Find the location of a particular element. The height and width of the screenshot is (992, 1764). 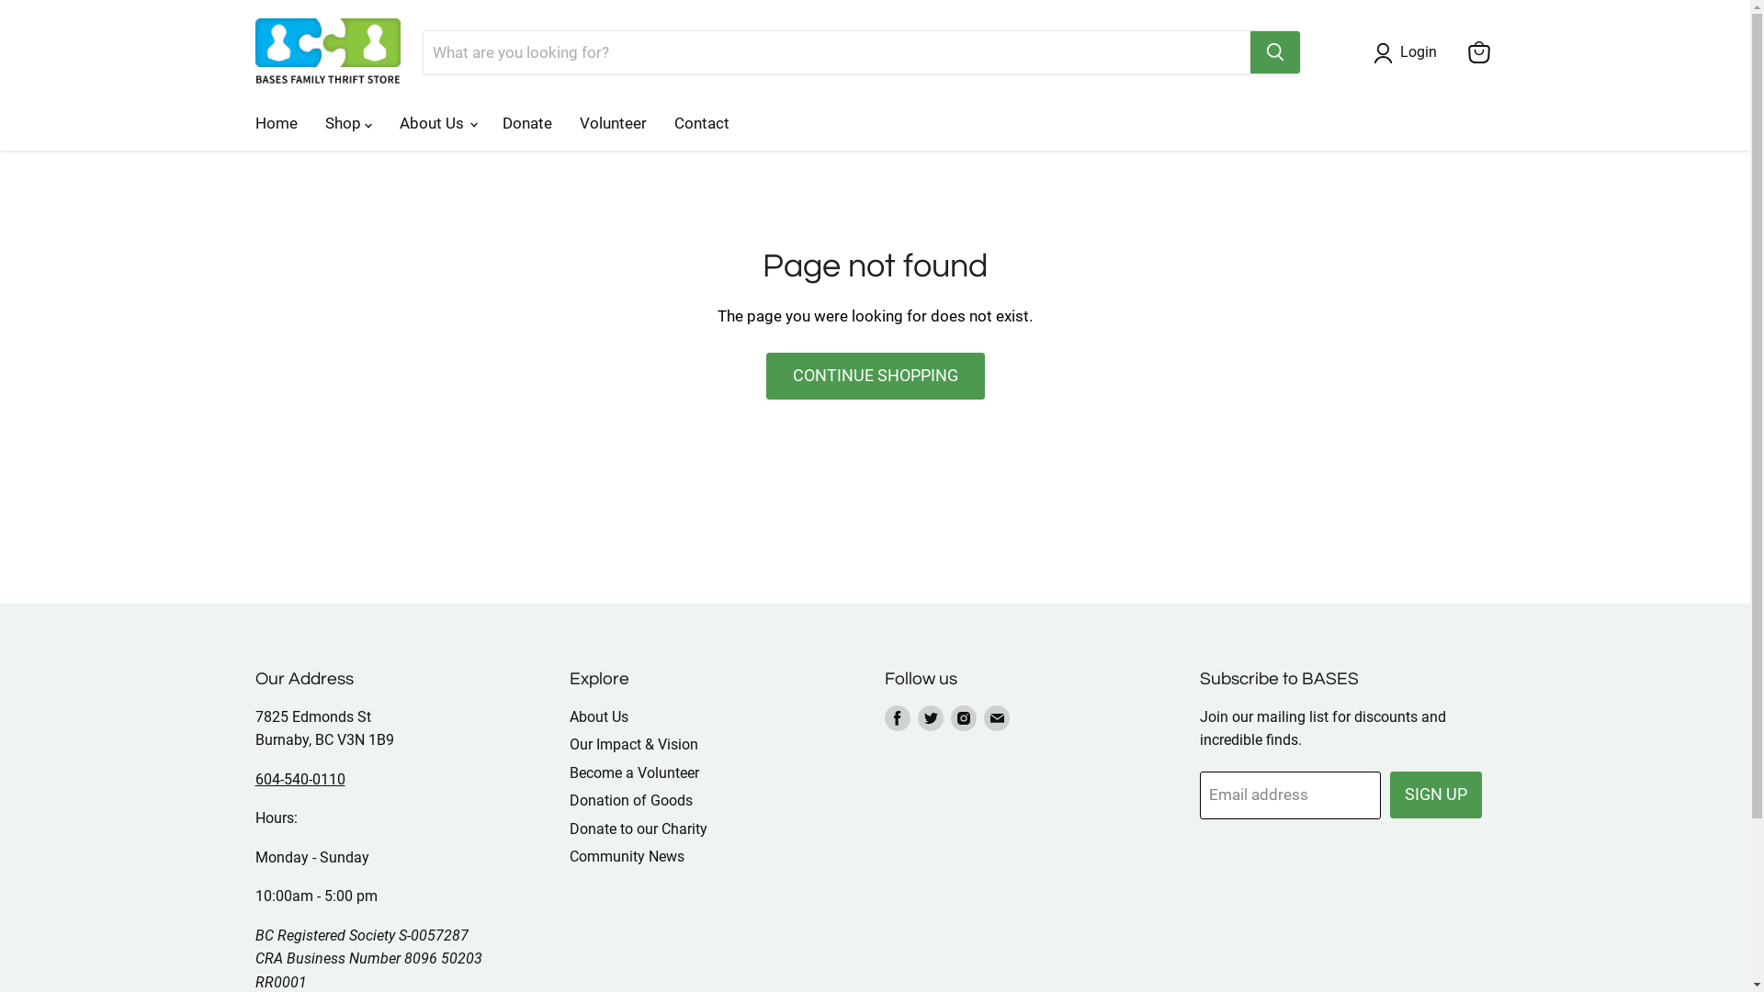

'604-540-0110' is located at coordinates (300, 779).